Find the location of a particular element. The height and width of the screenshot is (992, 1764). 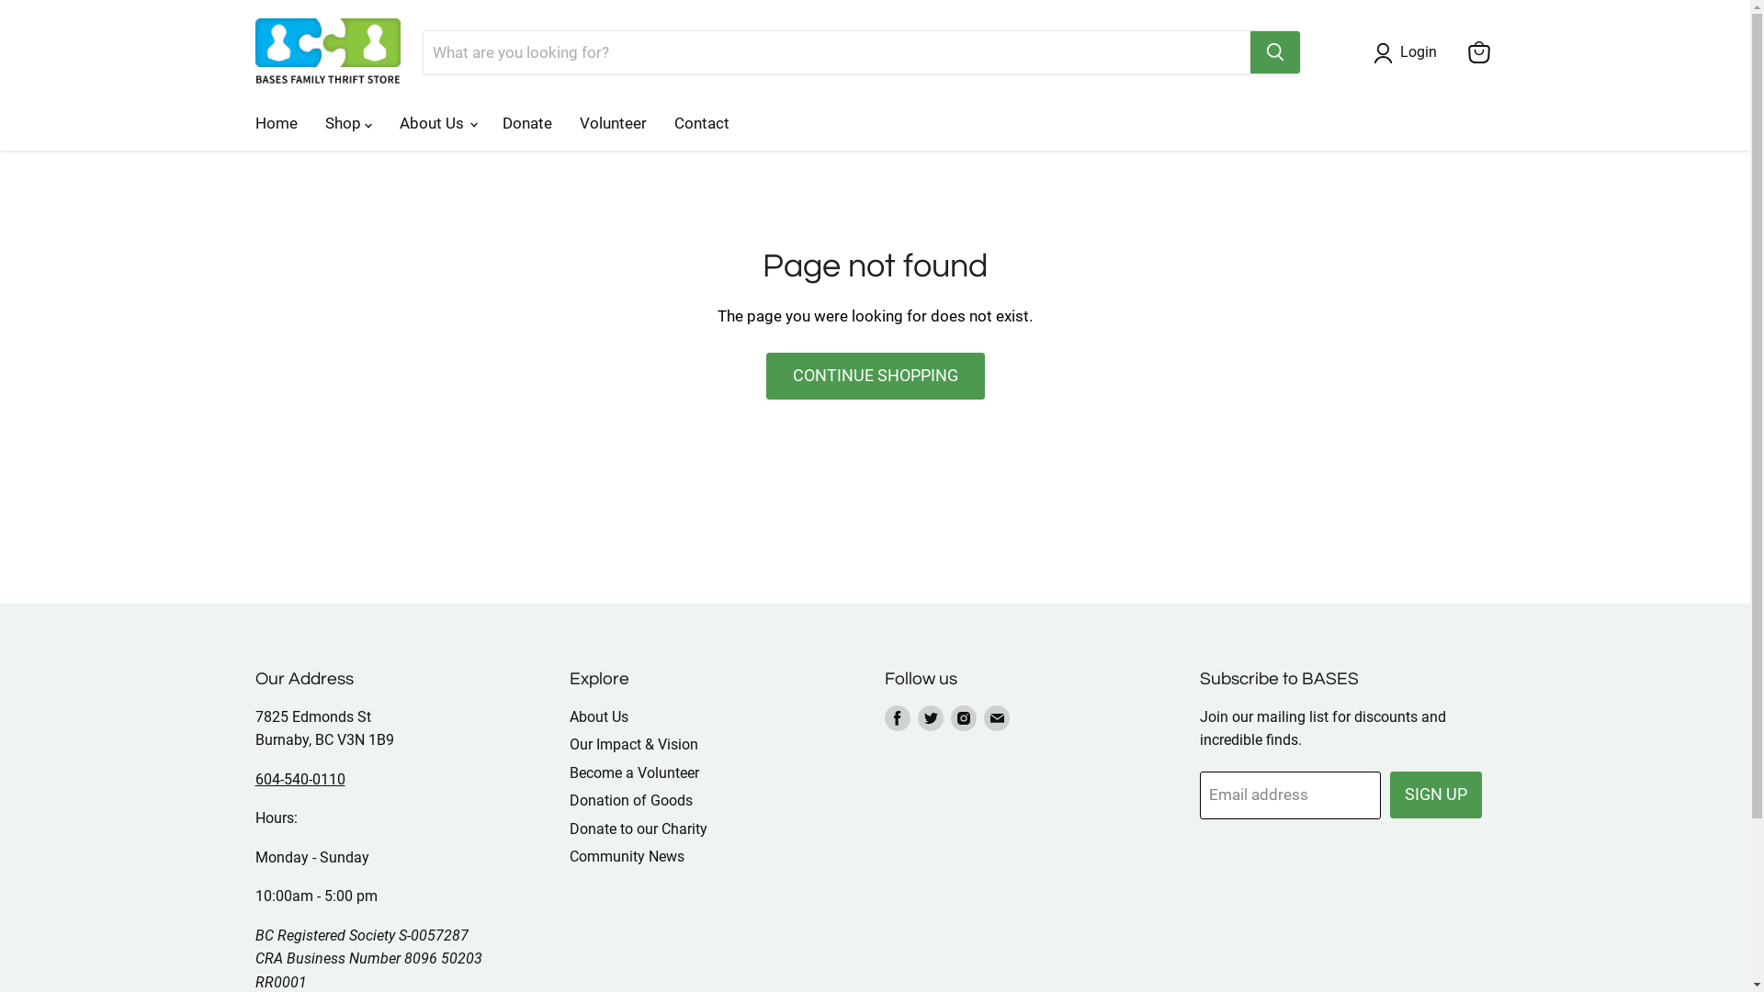

'604-540-0110' is located at coordinates (300, 779).